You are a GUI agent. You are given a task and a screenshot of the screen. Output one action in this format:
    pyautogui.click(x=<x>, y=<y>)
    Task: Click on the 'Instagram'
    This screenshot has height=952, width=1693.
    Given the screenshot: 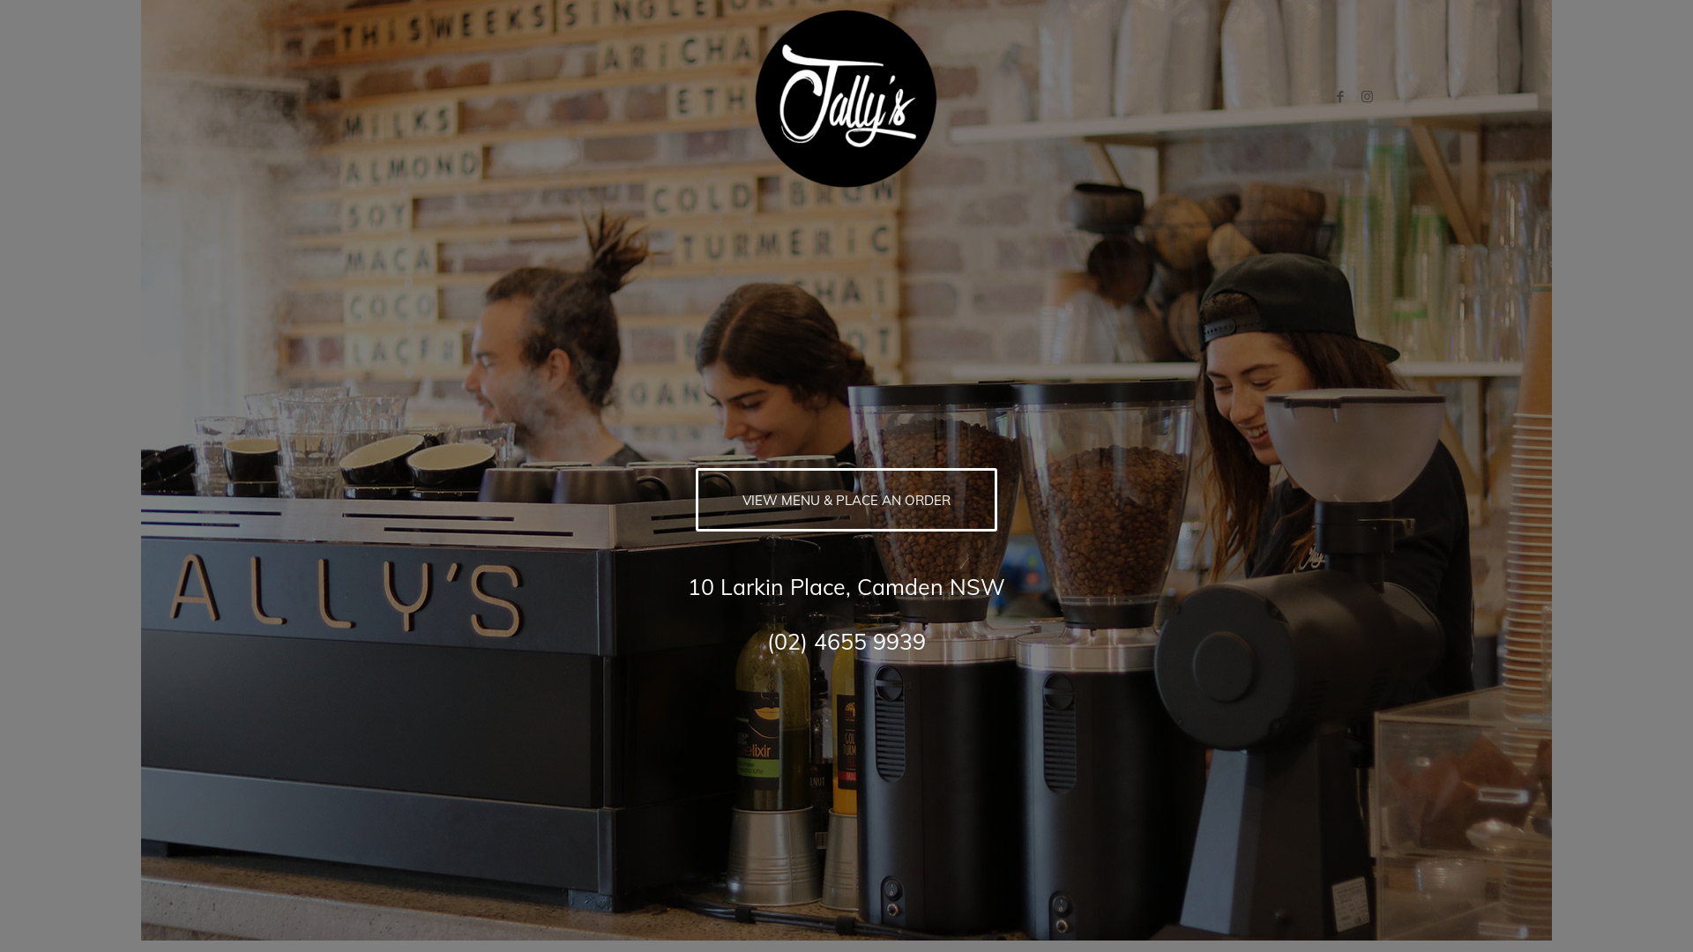 What is the action you would take?
    pyautogui.click(x=1366, y=97)
    